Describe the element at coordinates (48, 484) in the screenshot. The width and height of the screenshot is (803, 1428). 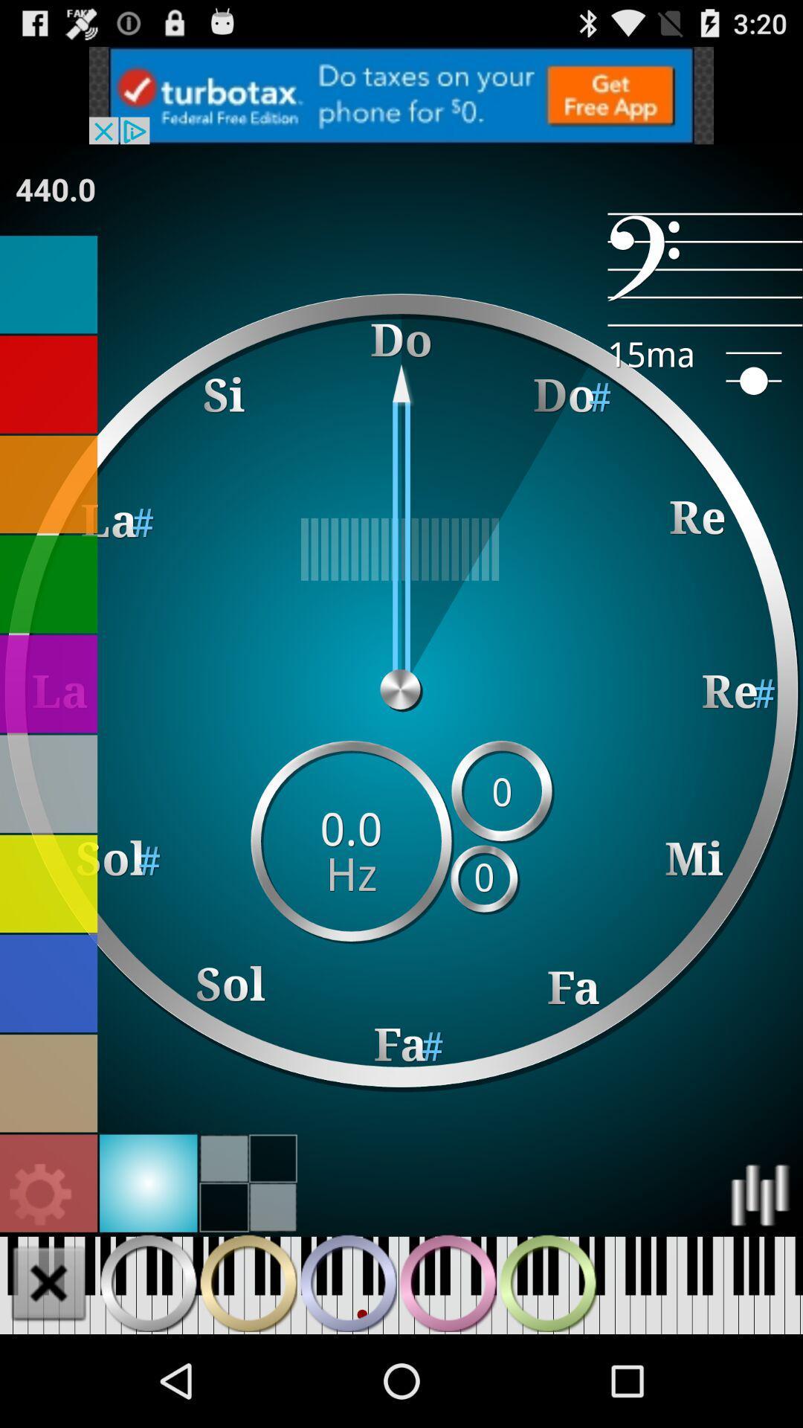
I see `orange color background` at that location.